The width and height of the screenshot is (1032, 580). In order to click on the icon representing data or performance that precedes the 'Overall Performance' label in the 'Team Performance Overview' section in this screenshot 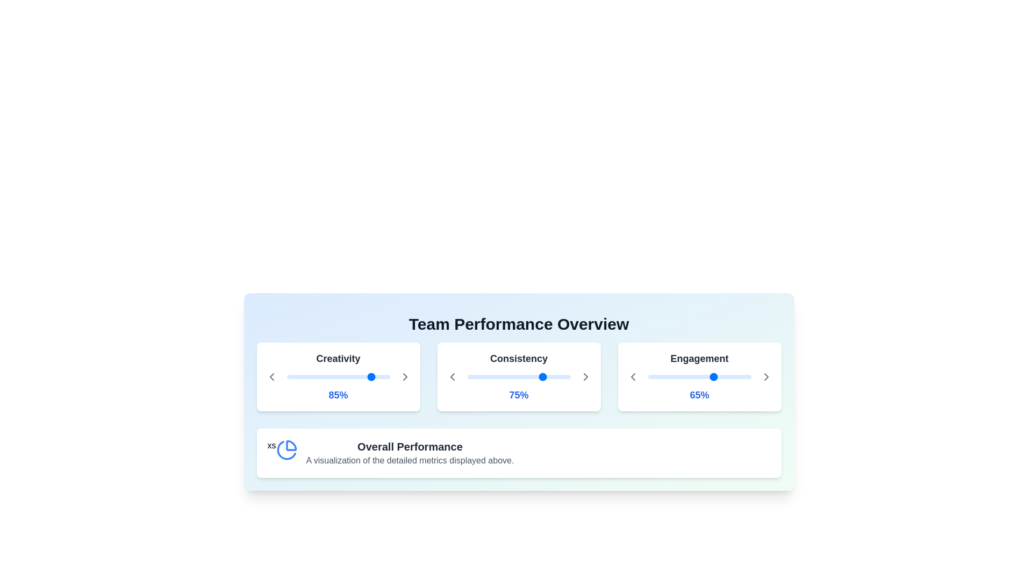, I will do `click(286, 450)`.